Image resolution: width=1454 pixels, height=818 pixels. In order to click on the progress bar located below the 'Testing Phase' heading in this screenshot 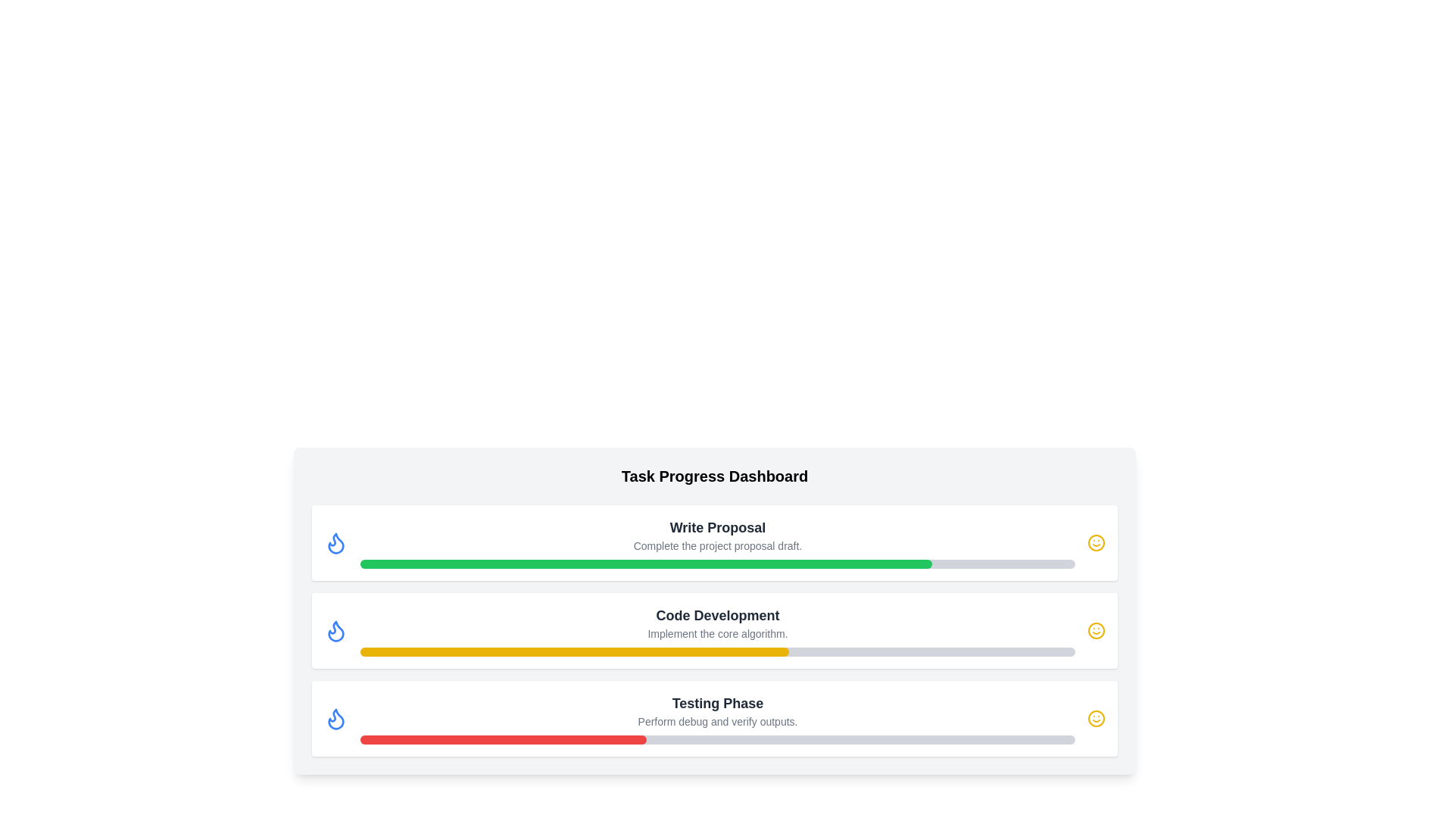, I will do `click(717, 738)`.